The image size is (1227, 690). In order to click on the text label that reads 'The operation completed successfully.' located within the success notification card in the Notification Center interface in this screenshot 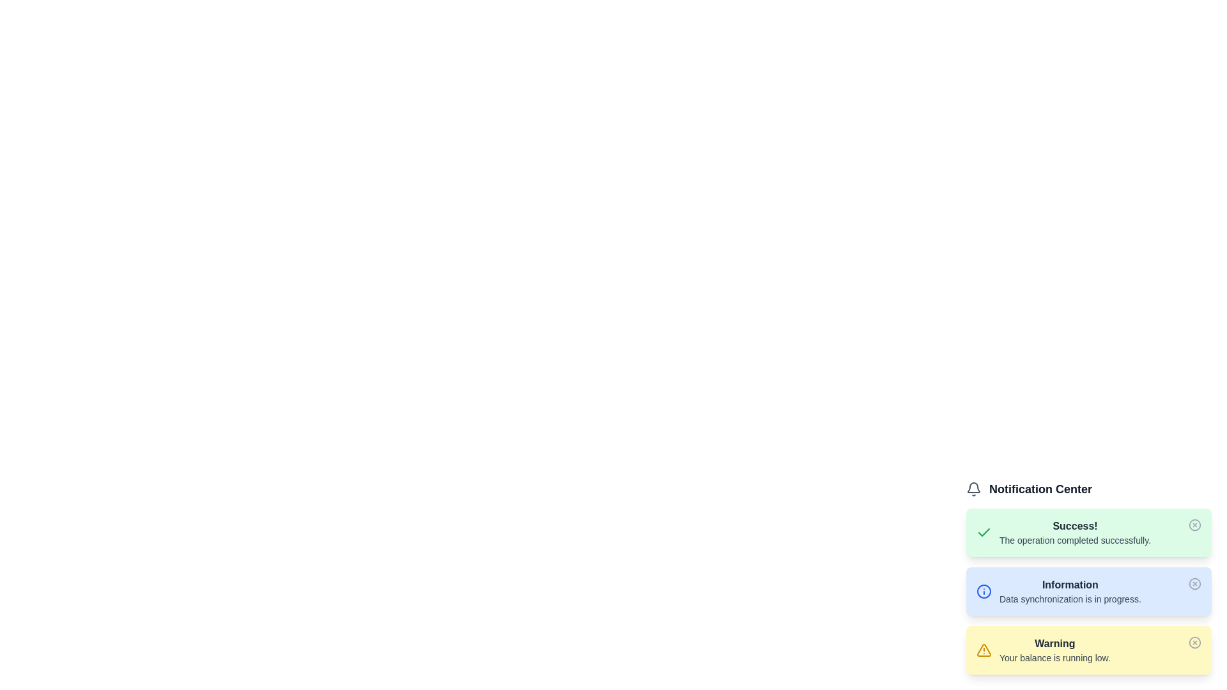, I will do `click(1074, 540)`.